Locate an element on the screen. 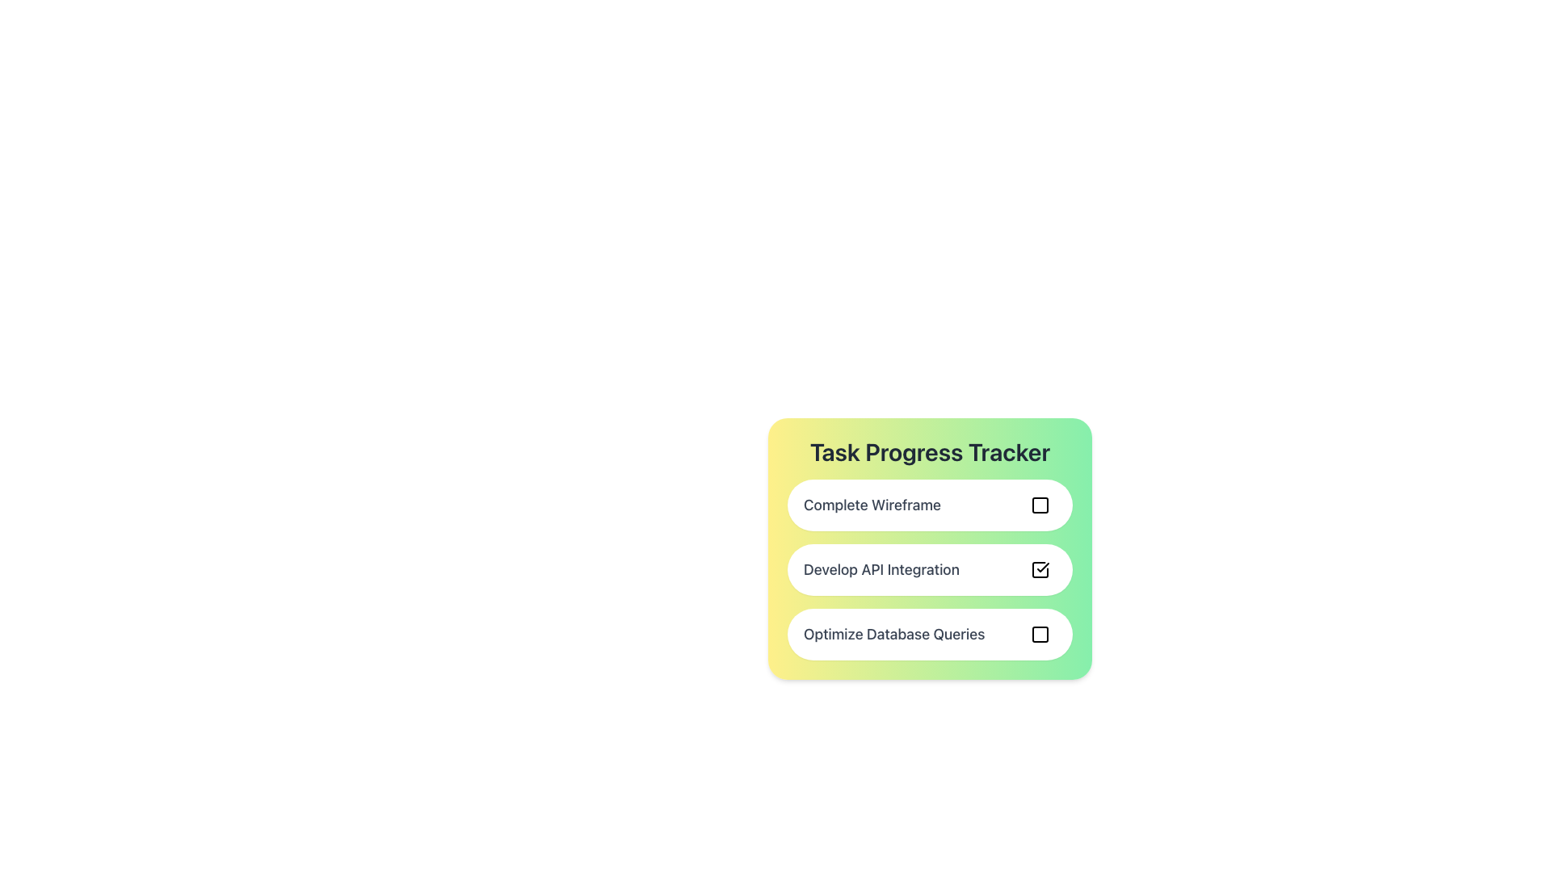 This screenshot has width=1551, height=872. the checkbox located at the far right side of the 'Complete Wireframe' row in the task list is located at coordinates (1040, 504).